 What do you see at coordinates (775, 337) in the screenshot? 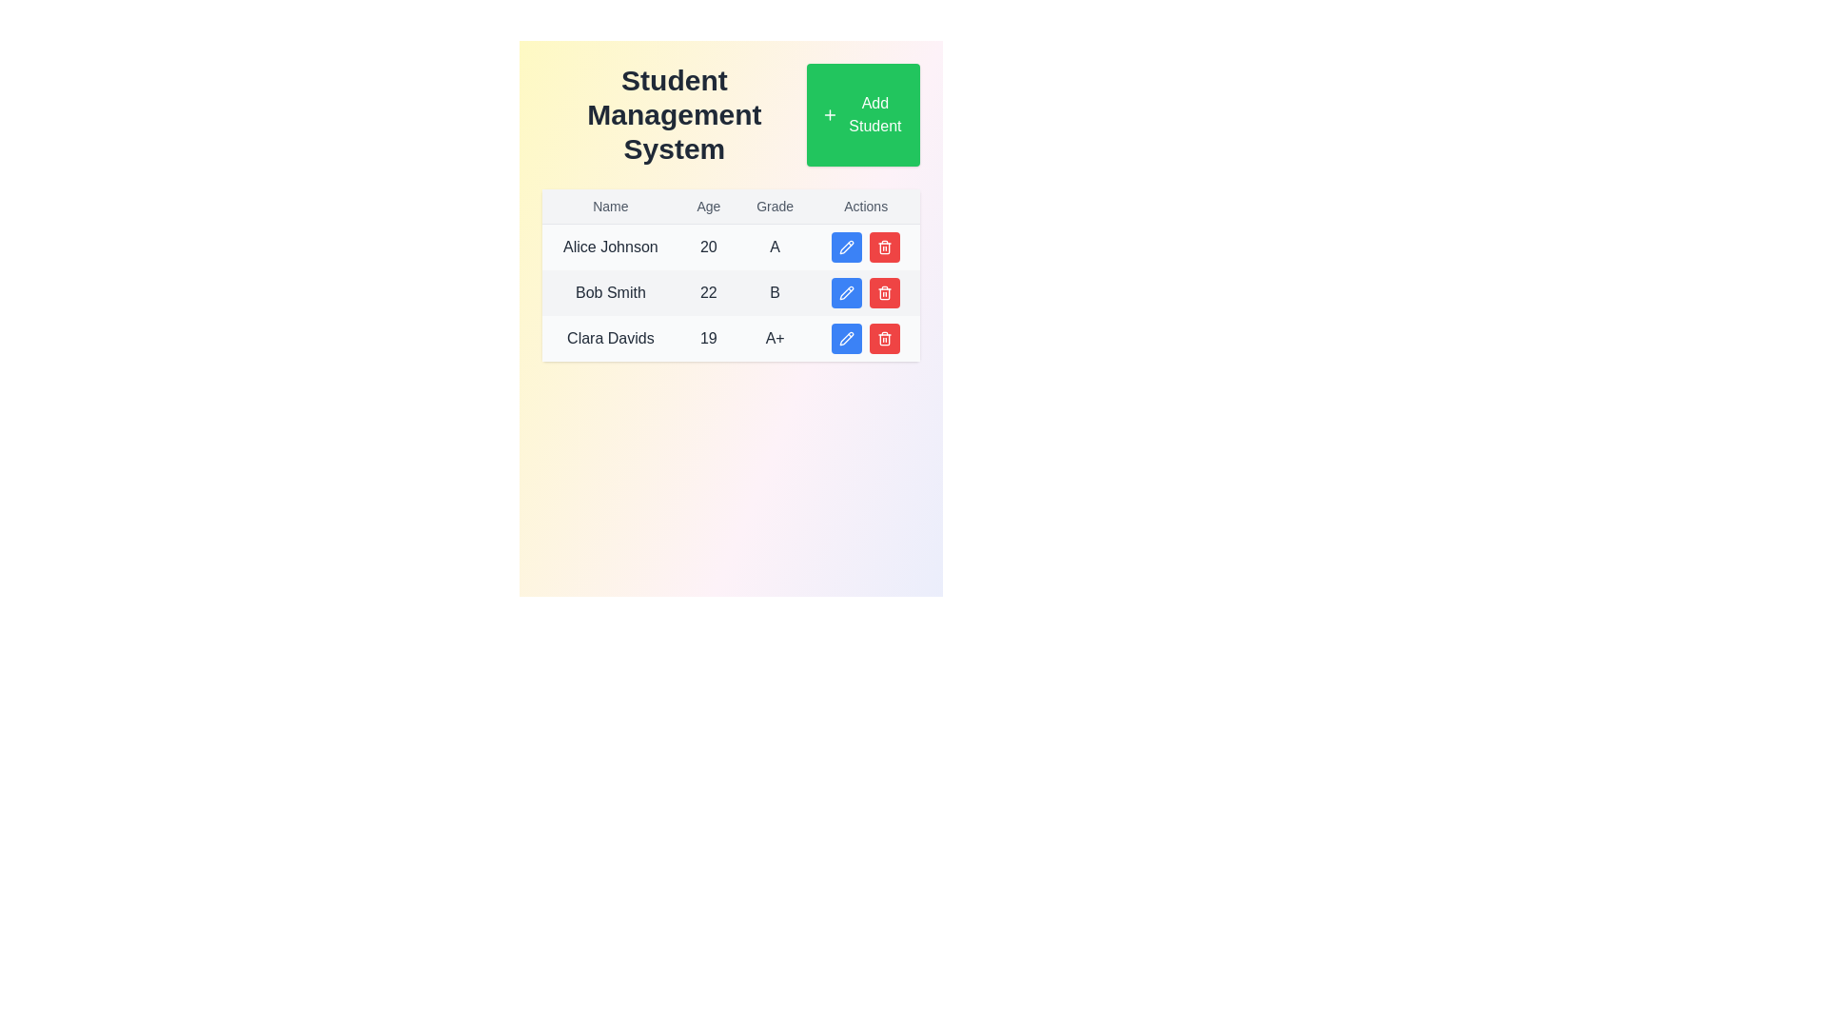
I see `the static text element displaying the grade A+ in the third row of the table under the column labeled 'Grade'` at bounding box center [775, 337].